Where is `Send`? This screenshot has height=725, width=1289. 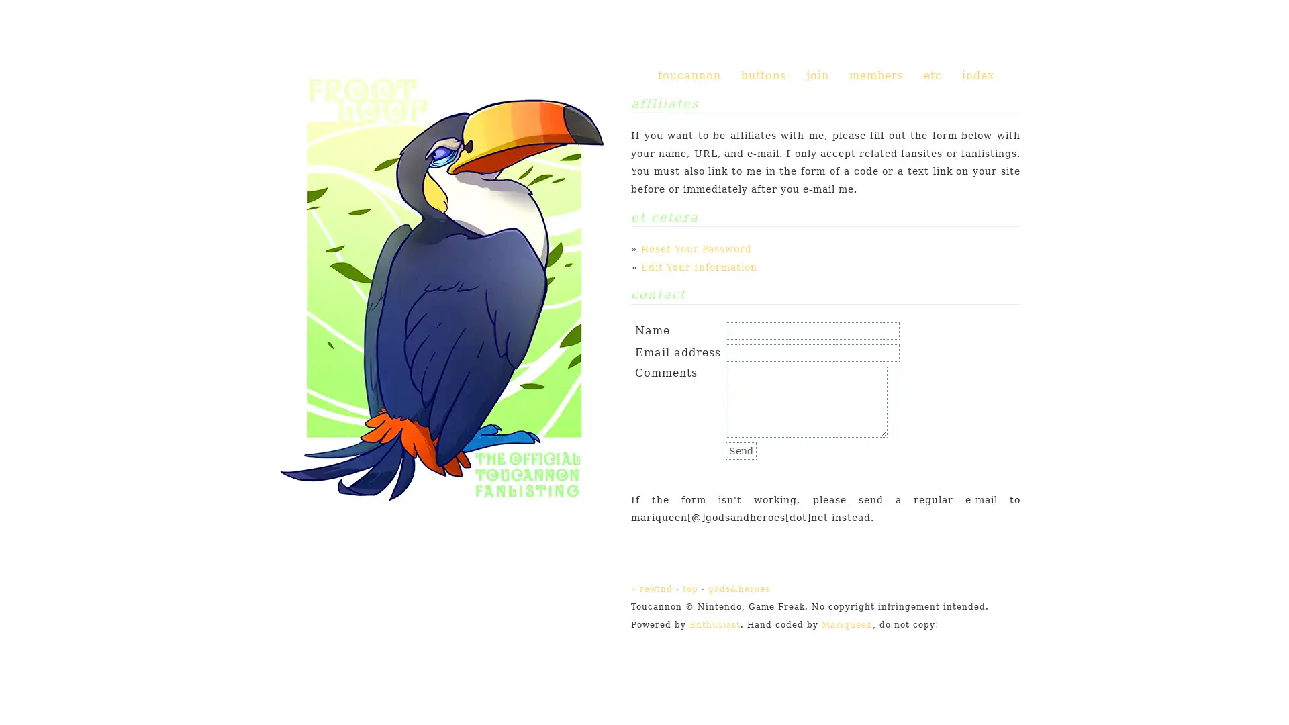
Send is located at coordinates (741, 450).